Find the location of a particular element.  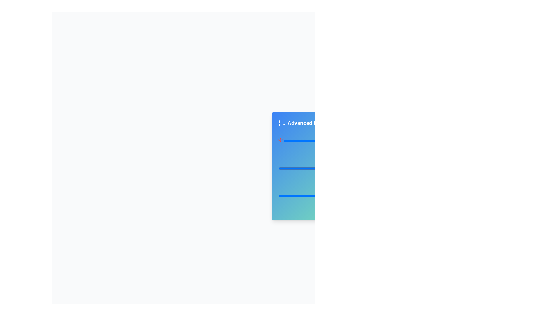

the slider value is located at coordinates (362, 139).